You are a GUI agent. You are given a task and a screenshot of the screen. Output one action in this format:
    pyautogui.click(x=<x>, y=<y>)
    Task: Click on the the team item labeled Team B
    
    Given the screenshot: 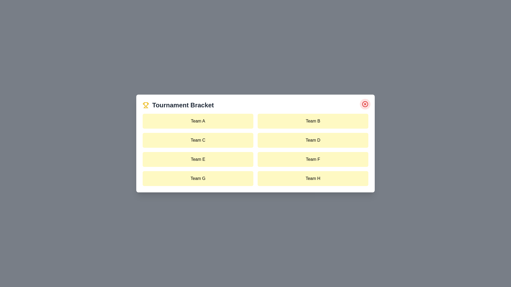 What is the action you would take?
    pyautogui.click(x=313, y=121)
    